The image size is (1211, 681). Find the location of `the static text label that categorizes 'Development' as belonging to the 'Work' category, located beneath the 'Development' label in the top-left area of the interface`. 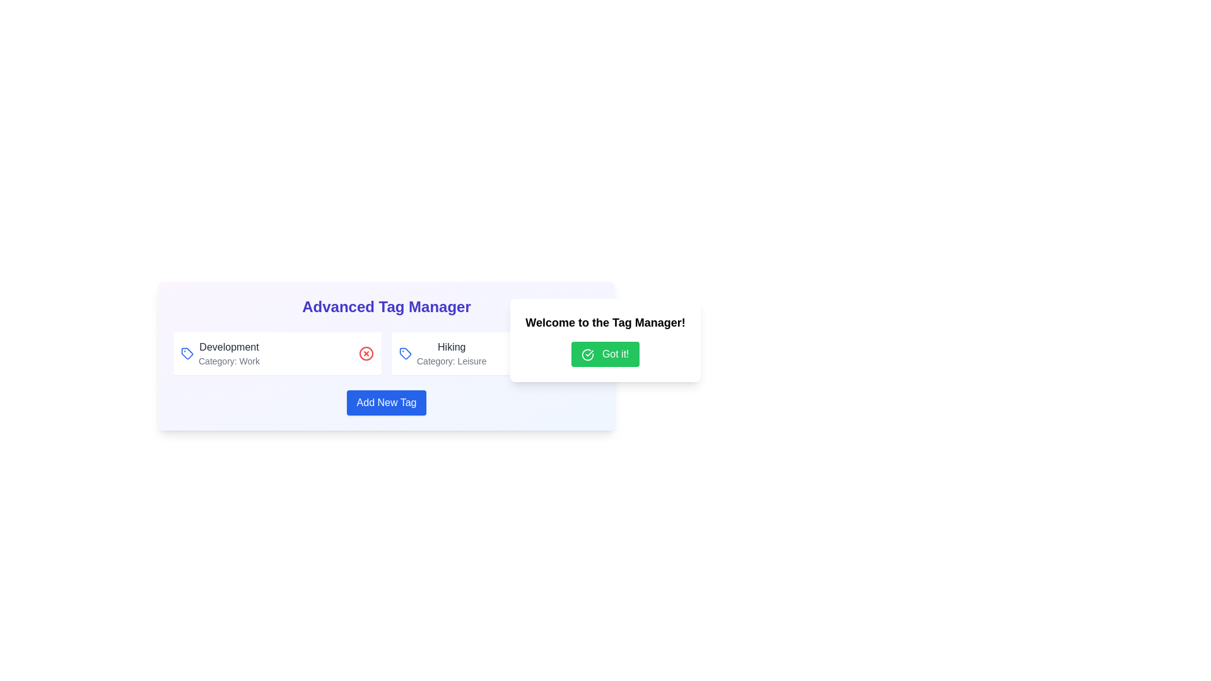

the static text label that categorizes 'Development' as belonging to the 'Work' category, located beneath the 'Development' label in the top-left area of the interface is located at coordinates (229, 361).